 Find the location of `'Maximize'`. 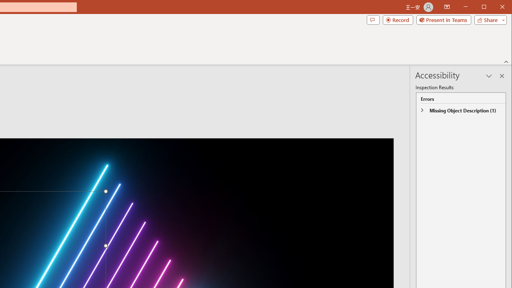

'Maximize' is located at coordinates (495, 8).